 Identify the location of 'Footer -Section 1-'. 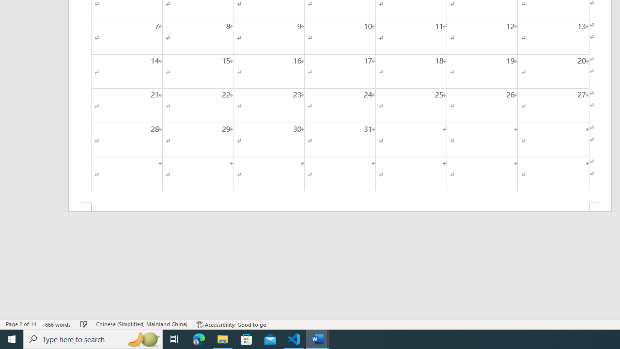
(340, 206).